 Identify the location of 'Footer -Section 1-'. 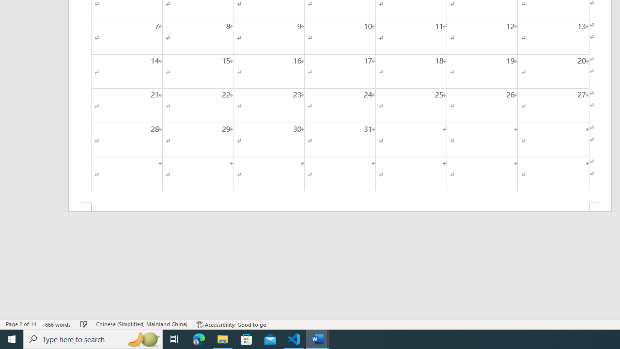
(340, 206).